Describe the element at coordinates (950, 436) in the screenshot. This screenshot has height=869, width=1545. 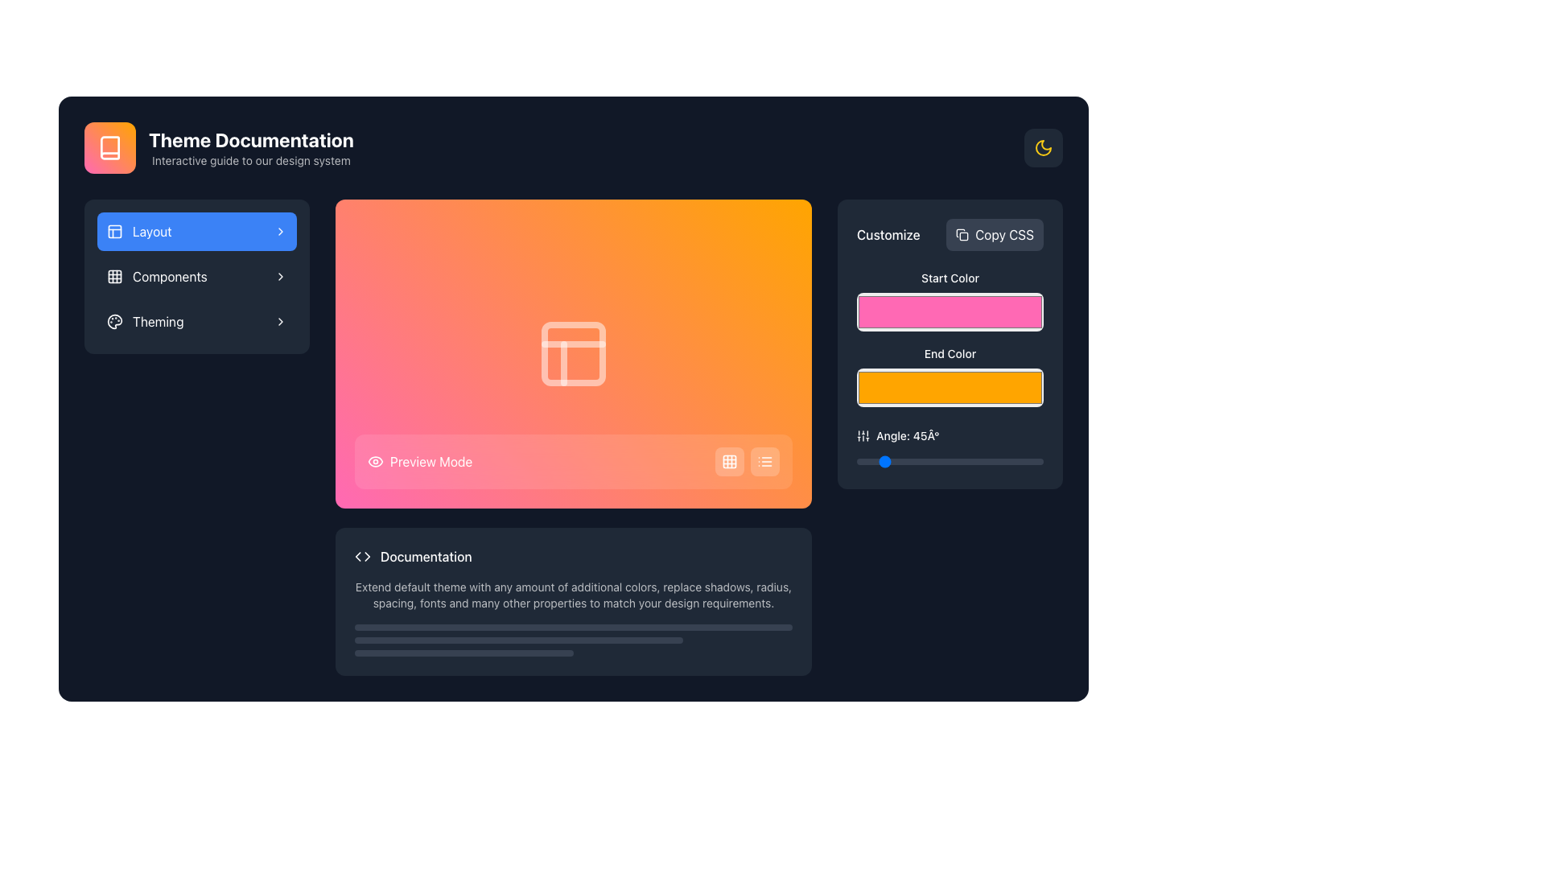
I see `the text label displaying 'Angle: 45Â°' with the adjacent vertical slider icon in the 'Customize' section` at that location.